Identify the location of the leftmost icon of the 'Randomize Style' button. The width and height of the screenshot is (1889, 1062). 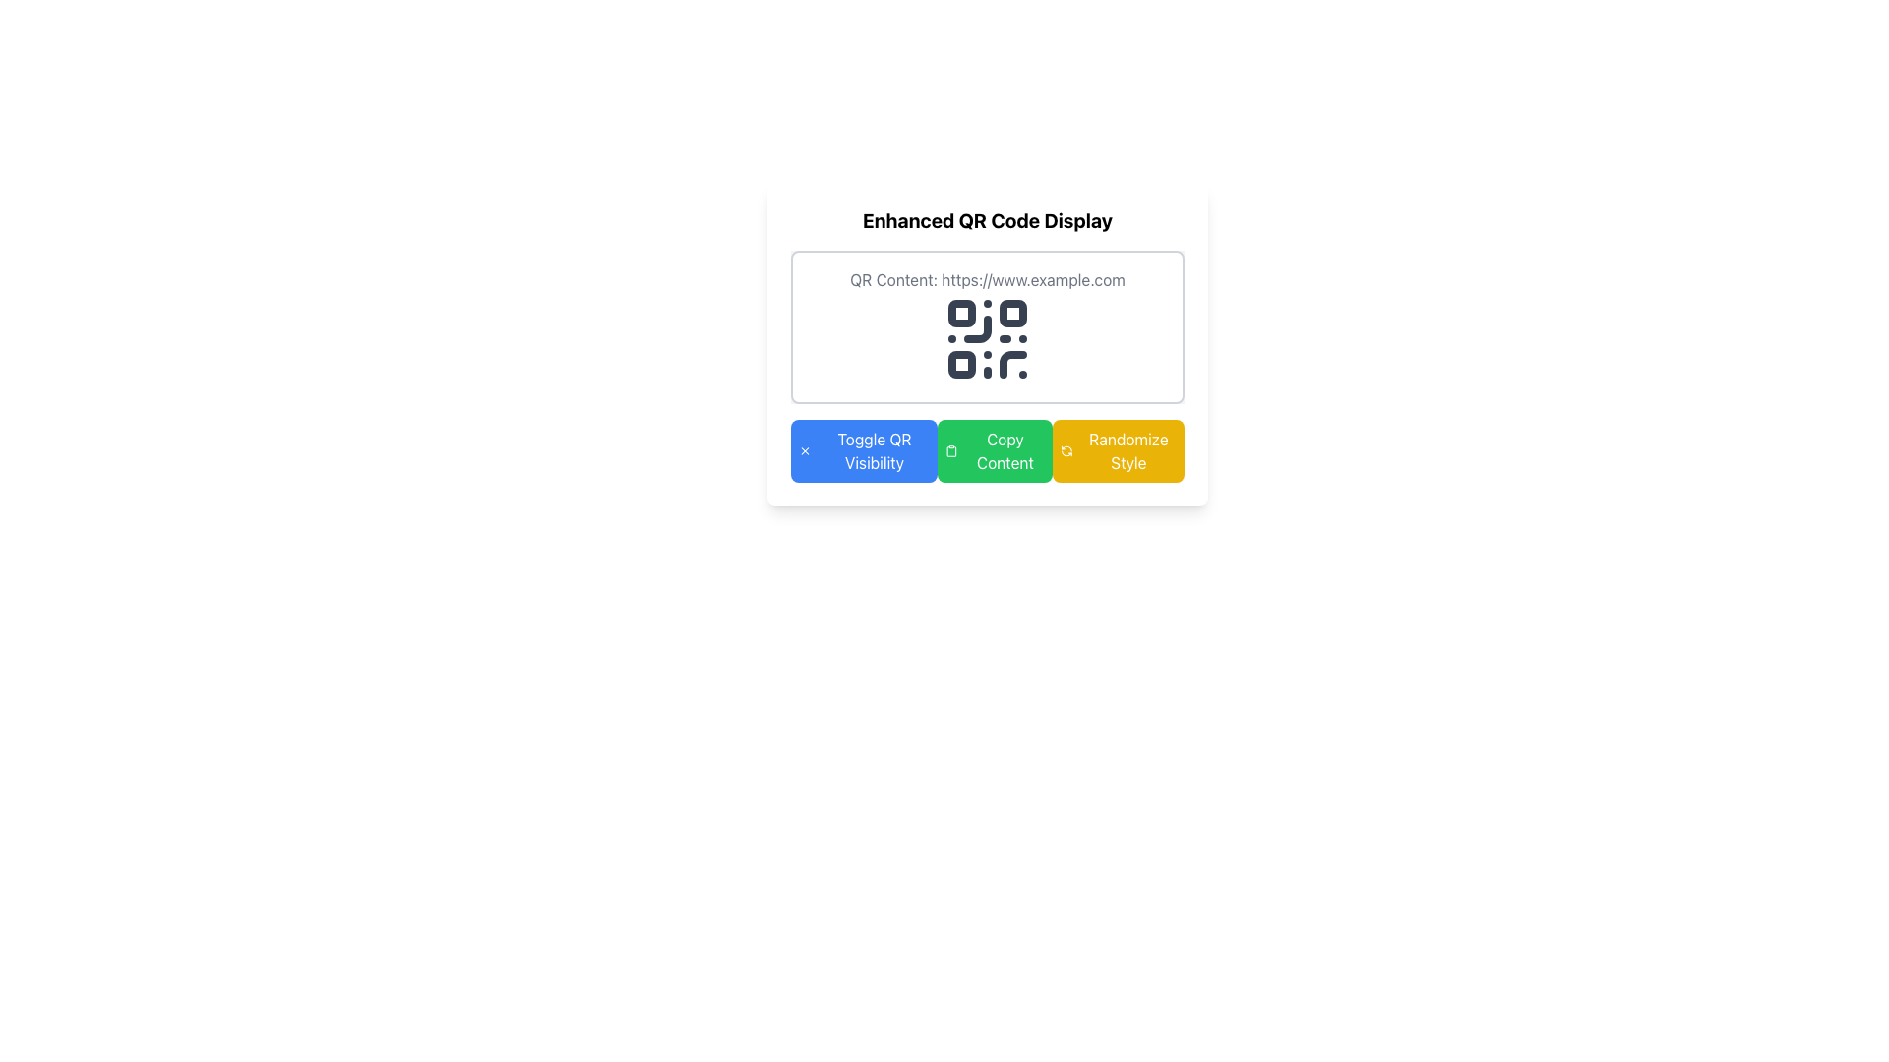
(1066, 451).